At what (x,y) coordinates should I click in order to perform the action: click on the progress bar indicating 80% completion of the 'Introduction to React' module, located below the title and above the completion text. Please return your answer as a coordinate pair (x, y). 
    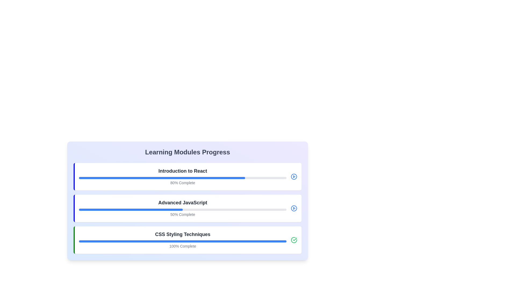
    Looking at the image, I should click on (183, 178).